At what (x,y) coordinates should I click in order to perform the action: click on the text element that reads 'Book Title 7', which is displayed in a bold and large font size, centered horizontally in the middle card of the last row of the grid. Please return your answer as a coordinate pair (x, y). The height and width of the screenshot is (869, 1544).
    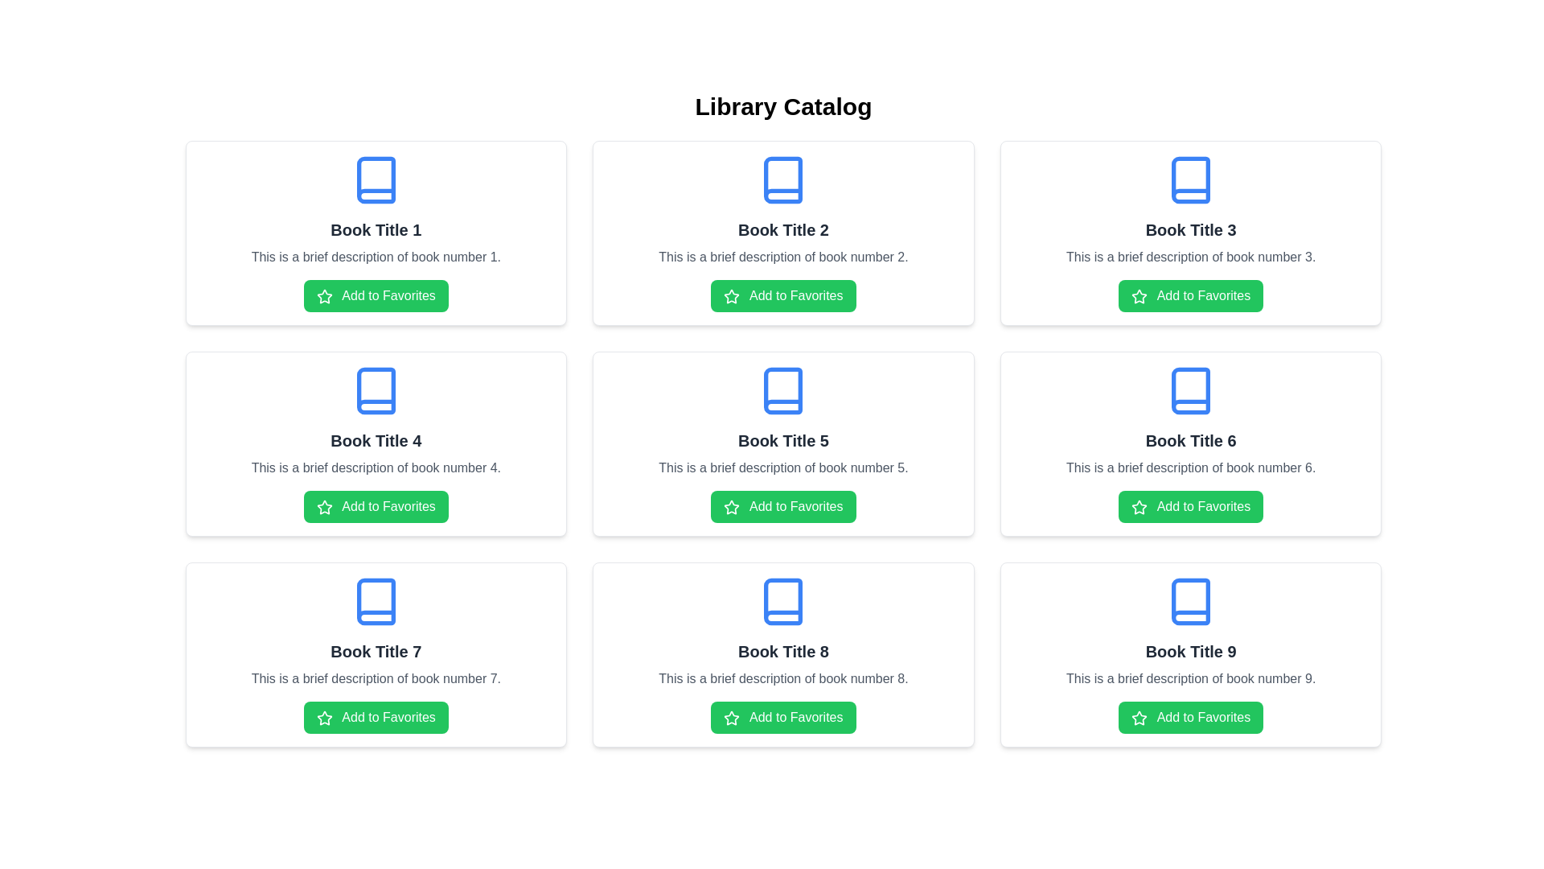
    Looking at the image, I should click on (375, 652).